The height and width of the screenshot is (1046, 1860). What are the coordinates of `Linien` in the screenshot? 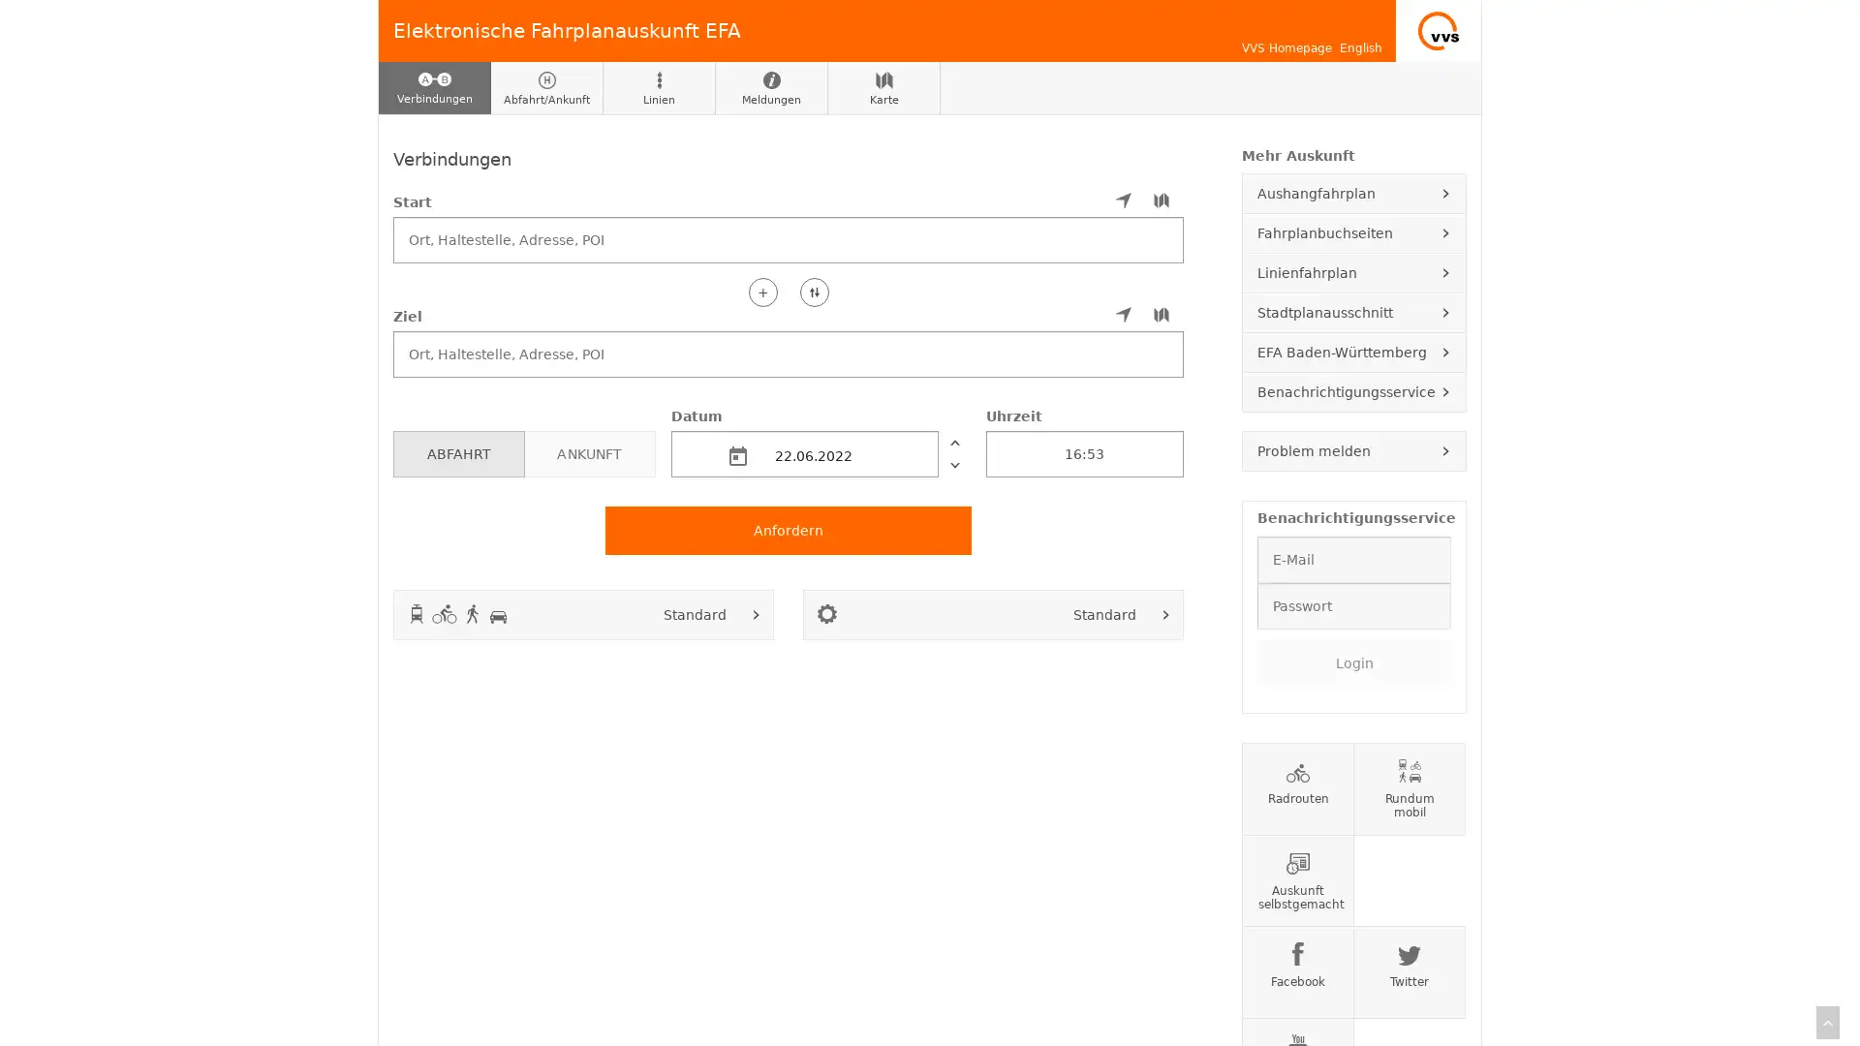 It's located at (660, 88).